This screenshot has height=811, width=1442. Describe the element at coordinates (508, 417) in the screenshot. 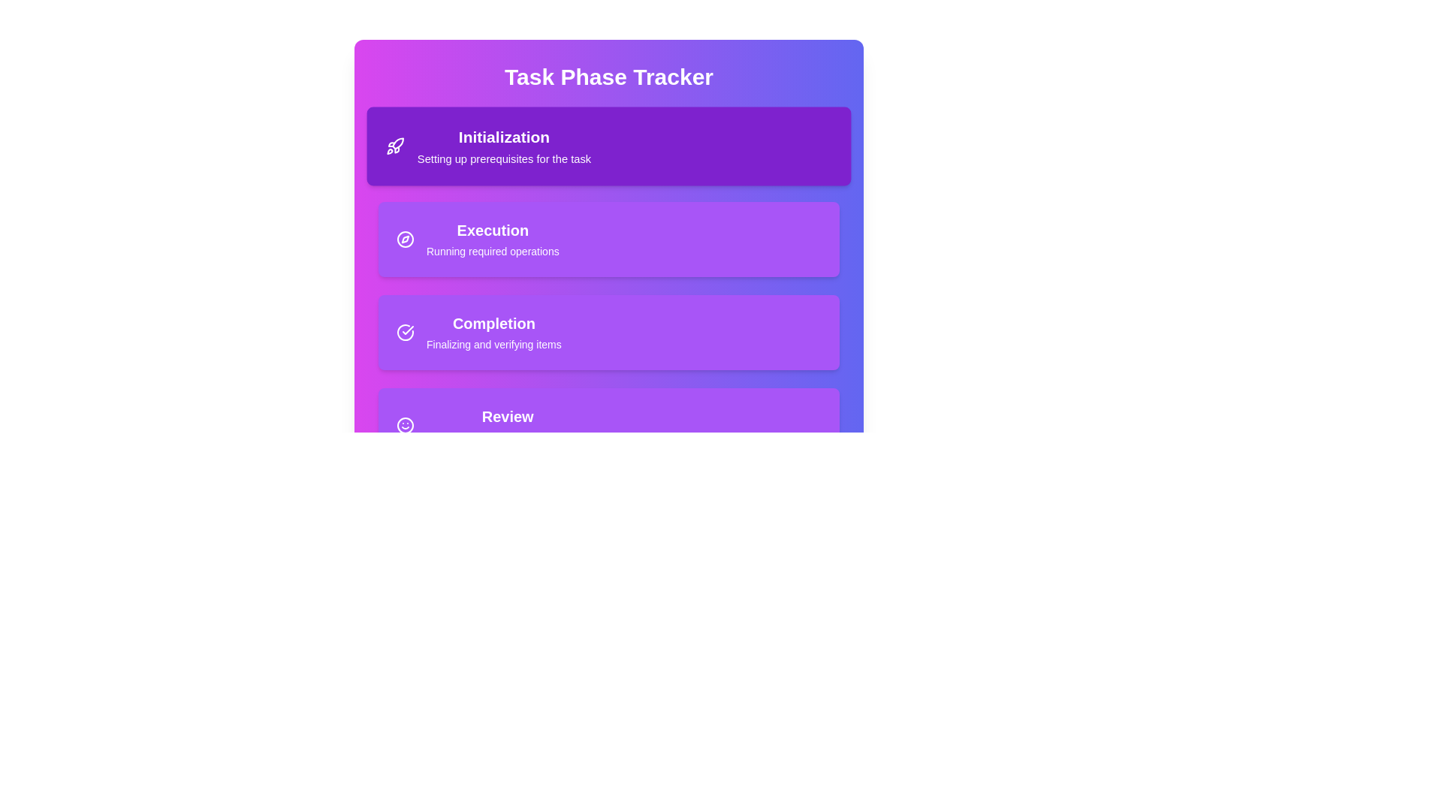

I see `the 'Review' text label element, which is displayed in large bold font on a purple background, positioned at the bottom of a vertical list of sections` at that location.